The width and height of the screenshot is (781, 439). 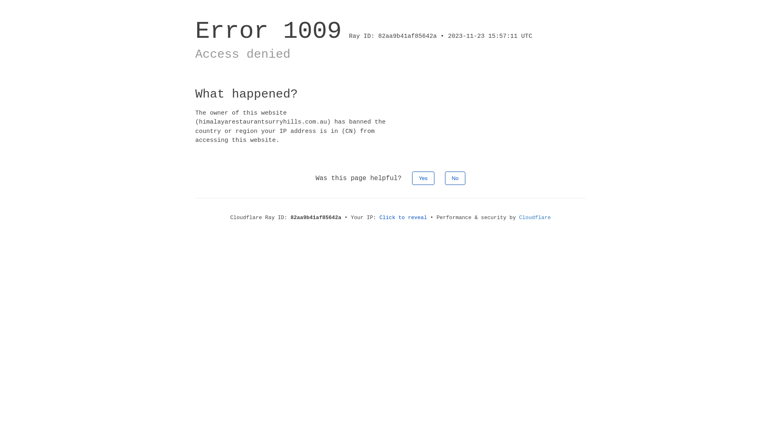 What do you see at coordinates (535, 217) in the screenshot?
I see `'Cloudflare'` at bounding box center [535, 217].